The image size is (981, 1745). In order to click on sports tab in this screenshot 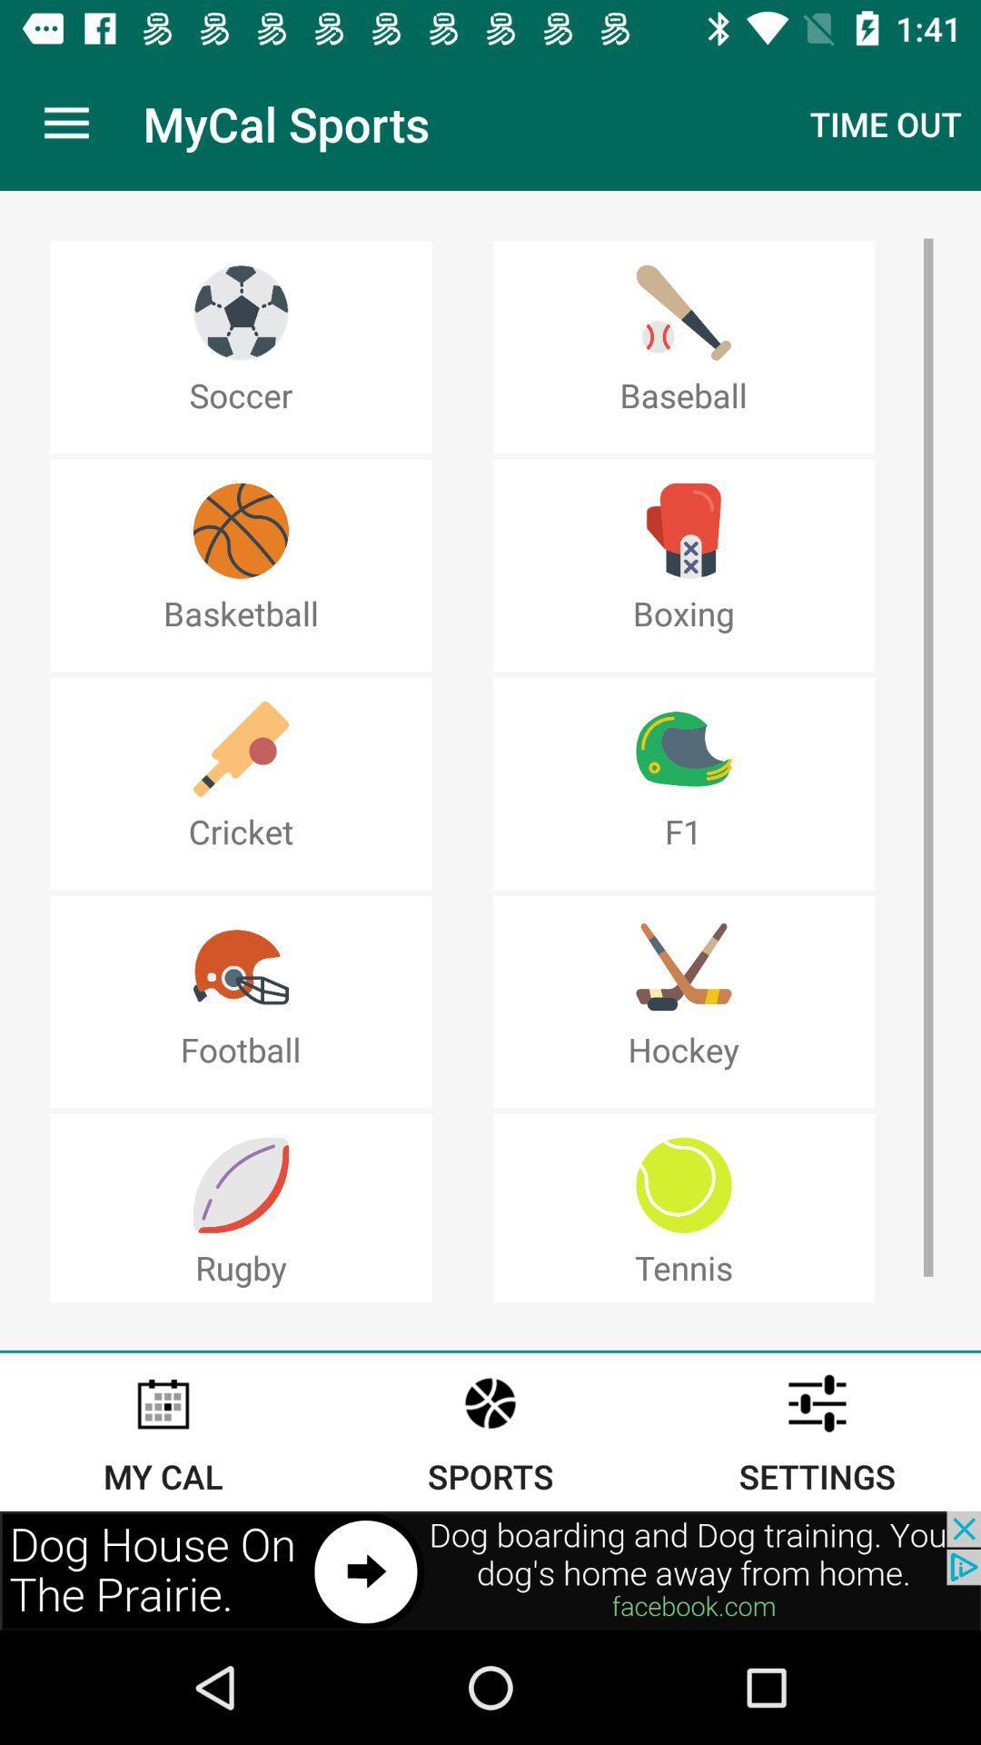, I will do `click(490, 1431)`.